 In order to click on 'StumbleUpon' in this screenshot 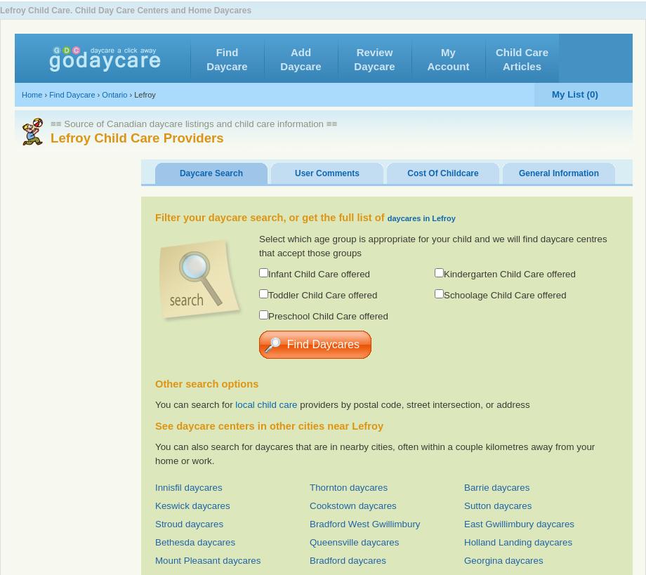, I will do `click(460, 51)`.